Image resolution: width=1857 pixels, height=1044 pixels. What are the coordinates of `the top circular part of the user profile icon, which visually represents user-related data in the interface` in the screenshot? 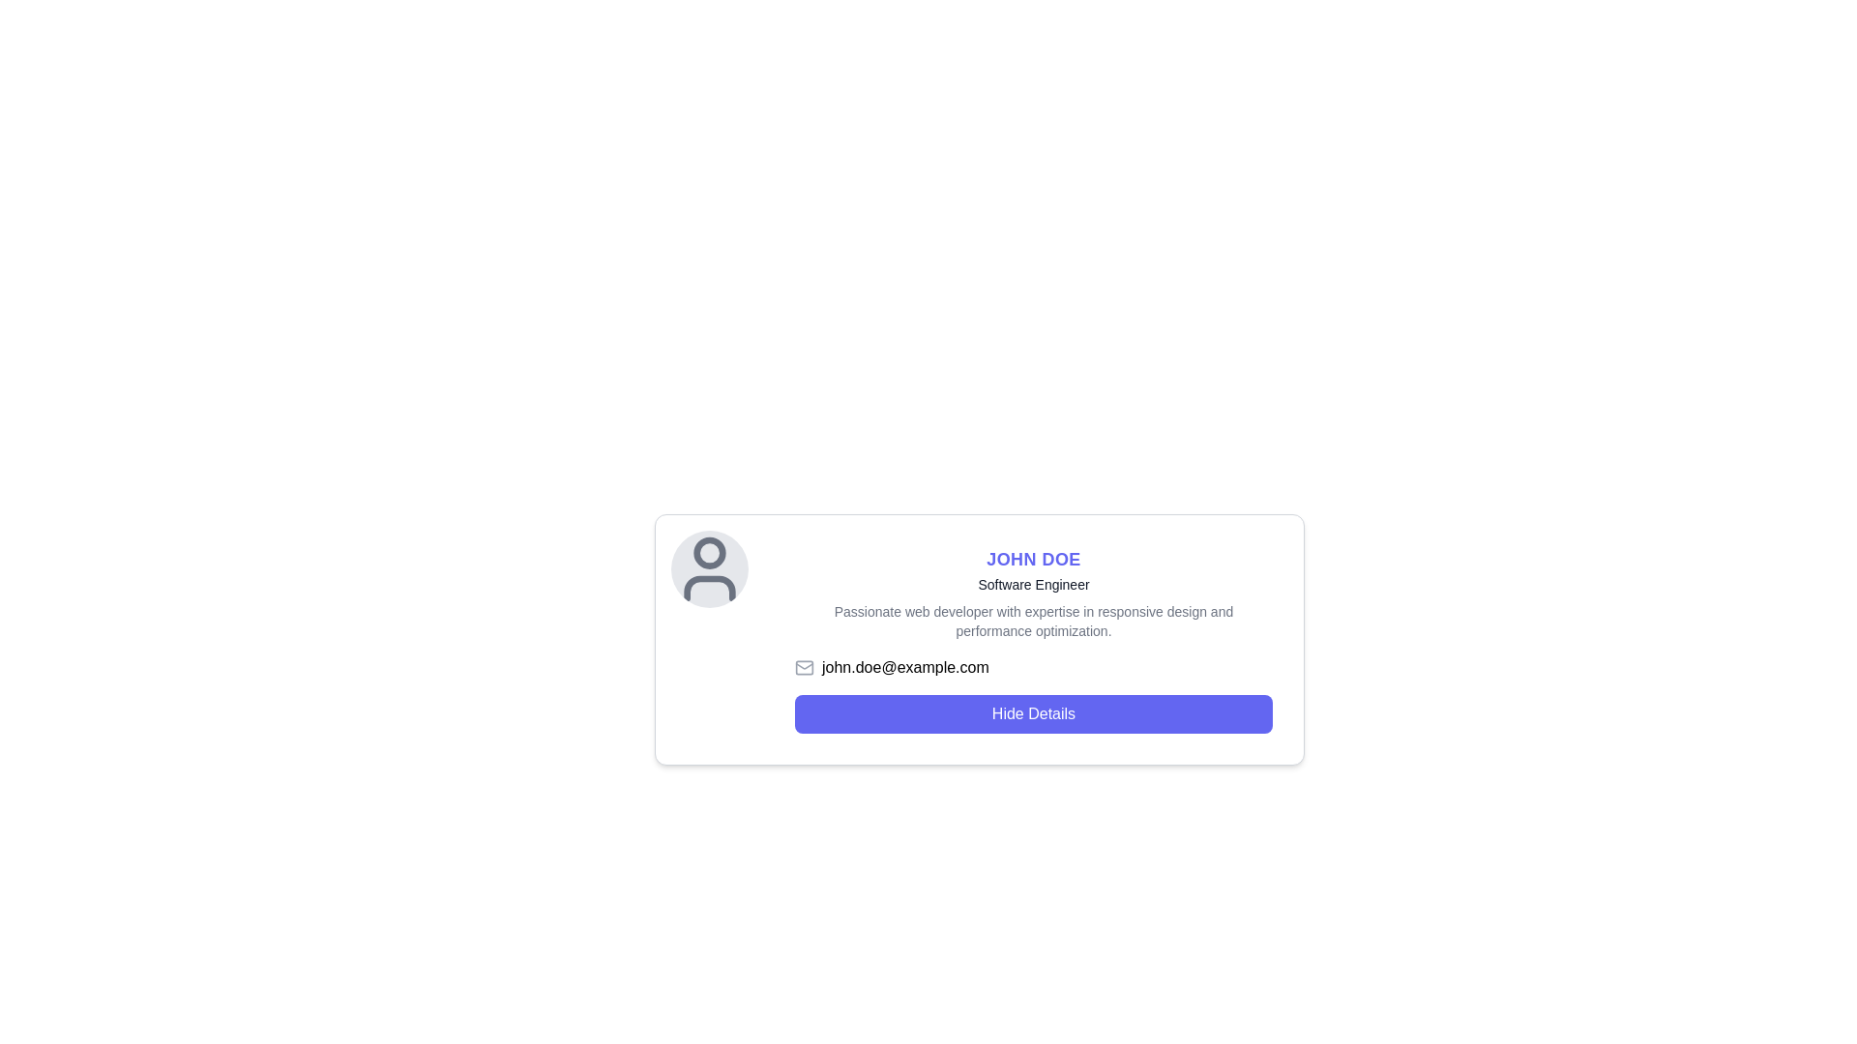 It's located at (709, 552).